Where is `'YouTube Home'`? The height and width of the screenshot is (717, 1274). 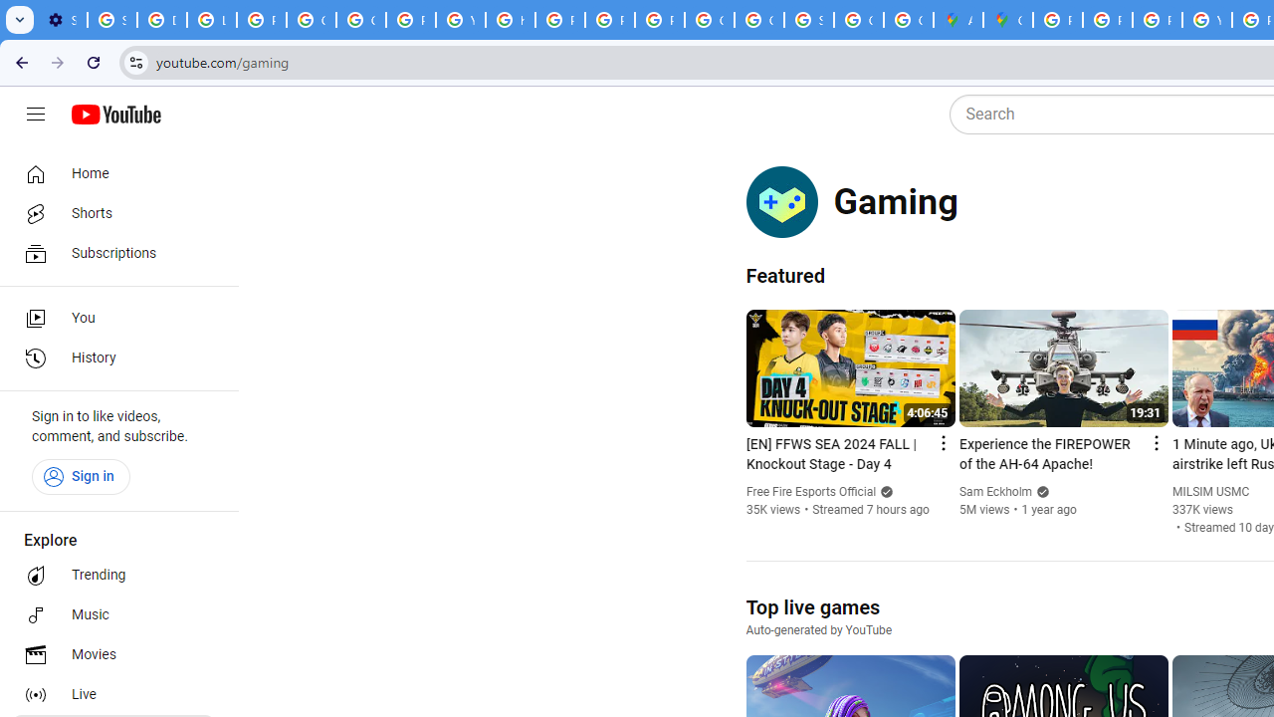 'YouTube Home' is located at coordinates (114, 115).